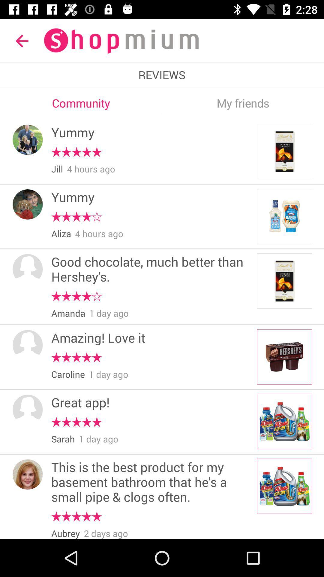 The height and width of the screenshot is (577, 324). What do you see at coordinates (76, 422) in the screenshot?
I see `item below the great app! item` at bounding box center [76, 422].